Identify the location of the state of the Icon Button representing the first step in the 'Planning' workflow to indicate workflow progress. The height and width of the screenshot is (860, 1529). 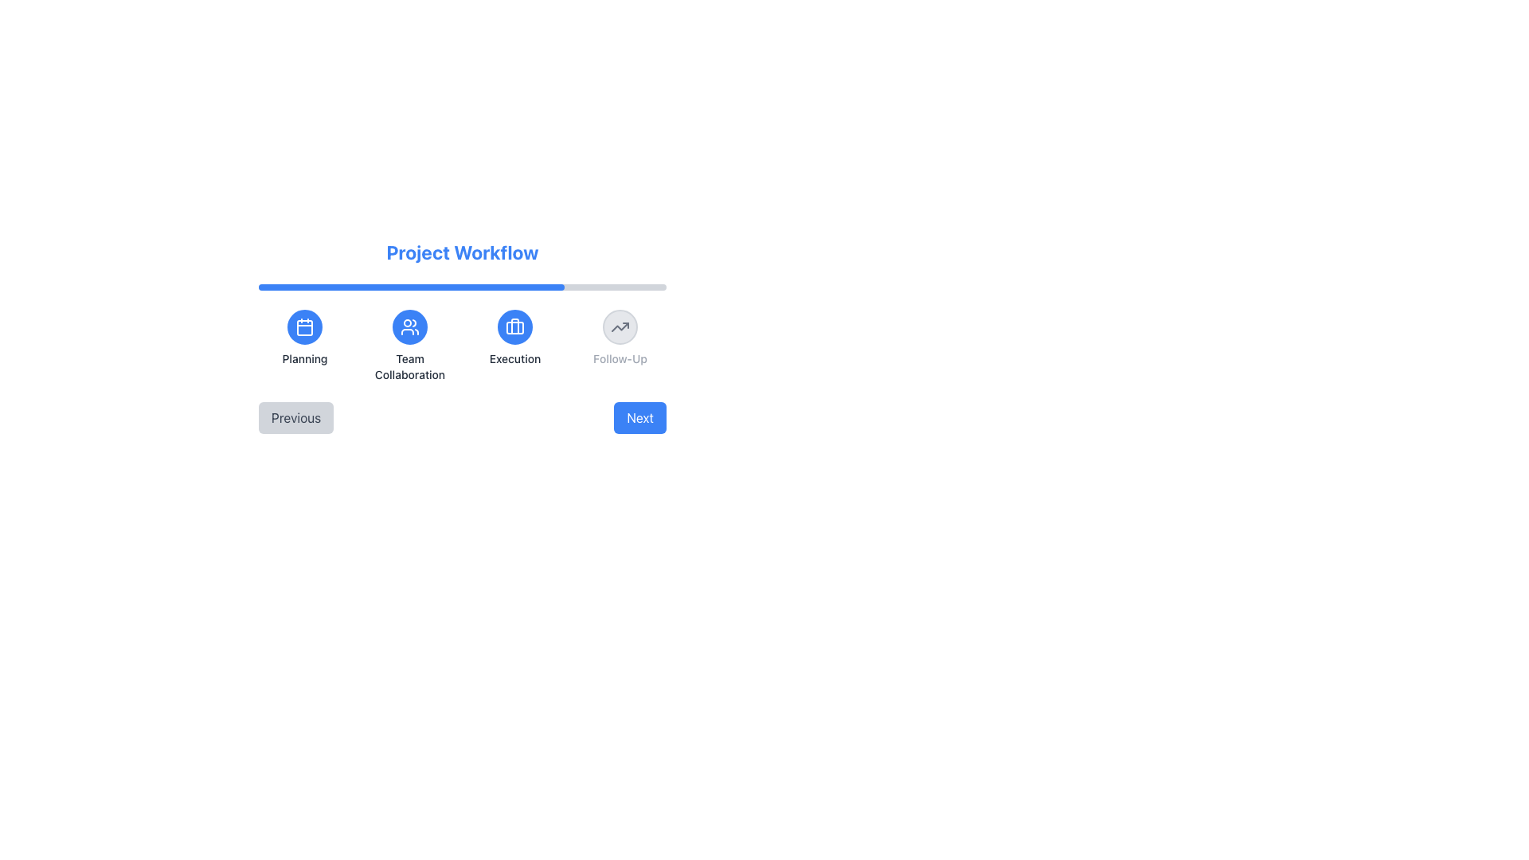
(305, 326).